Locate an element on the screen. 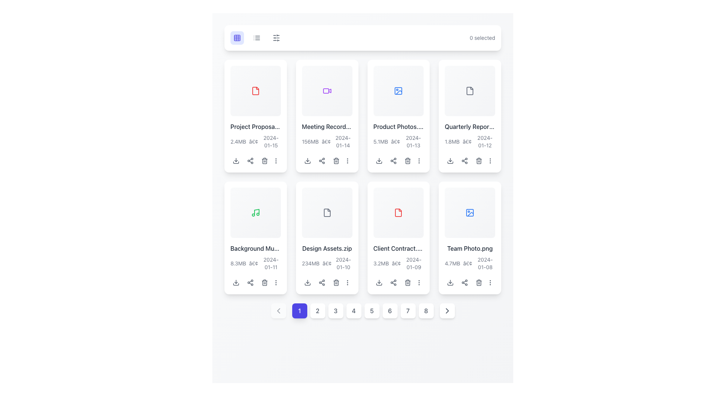 The height and width of the screenshot is (406, 723). the decorative visual icon resembling a play button within the card component located in the second column of the first row to inspect its associated content is located at coordinates (326, 90).